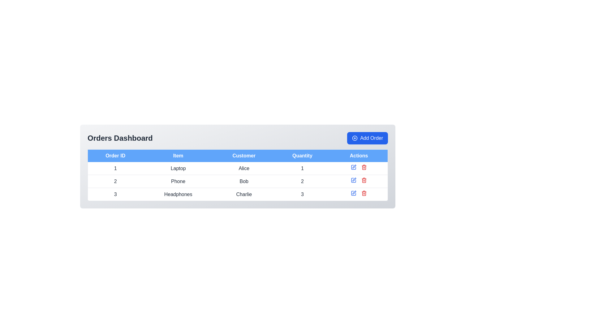 The image size is (594, 334). I want to click on the delete icon in the Actions cell of the table row for customer 'Bob', which is the second row and fifth cell in the table, so click(359, 181).